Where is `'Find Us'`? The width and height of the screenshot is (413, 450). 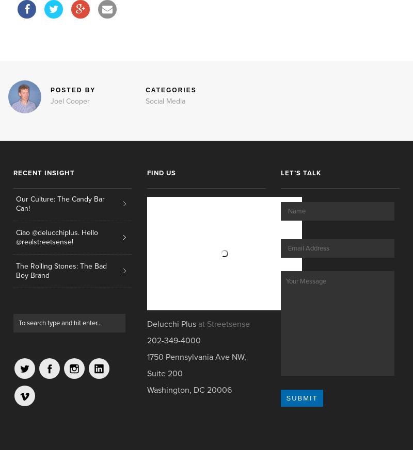
'Find Us' is located at coordinates (161, 173).